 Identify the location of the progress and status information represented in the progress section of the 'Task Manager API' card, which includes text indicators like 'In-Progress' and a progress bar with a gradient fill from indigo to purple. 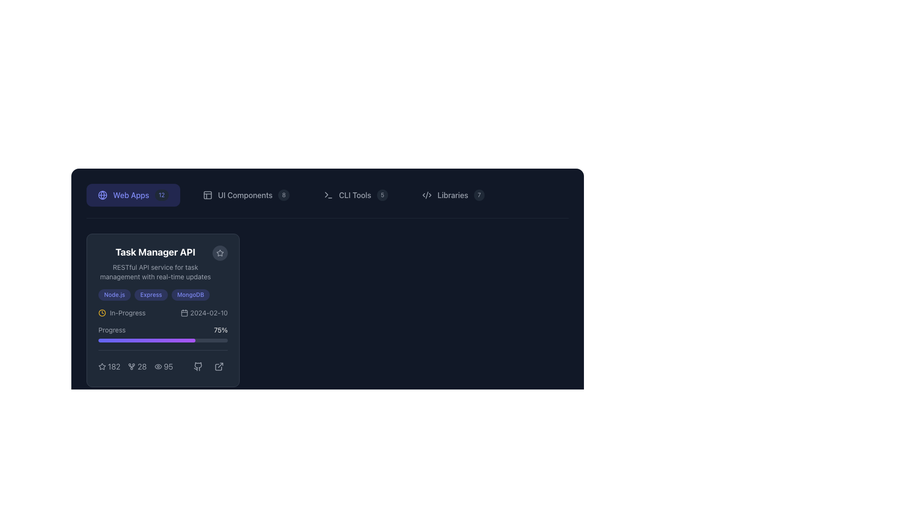
(163, 341).